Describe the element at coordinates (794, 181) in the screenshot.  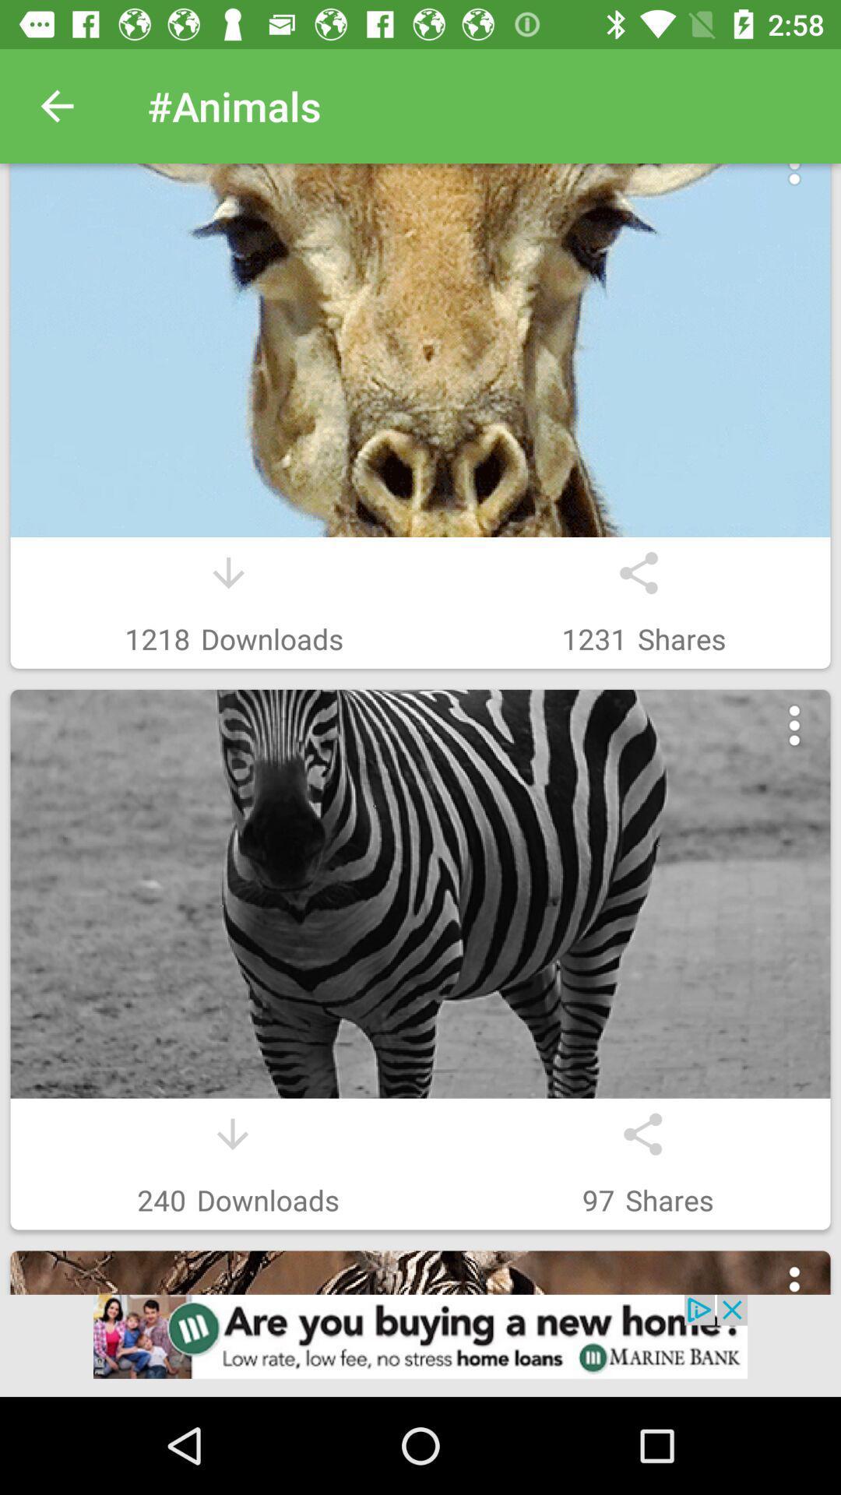
I see `open picture settings` at that location.